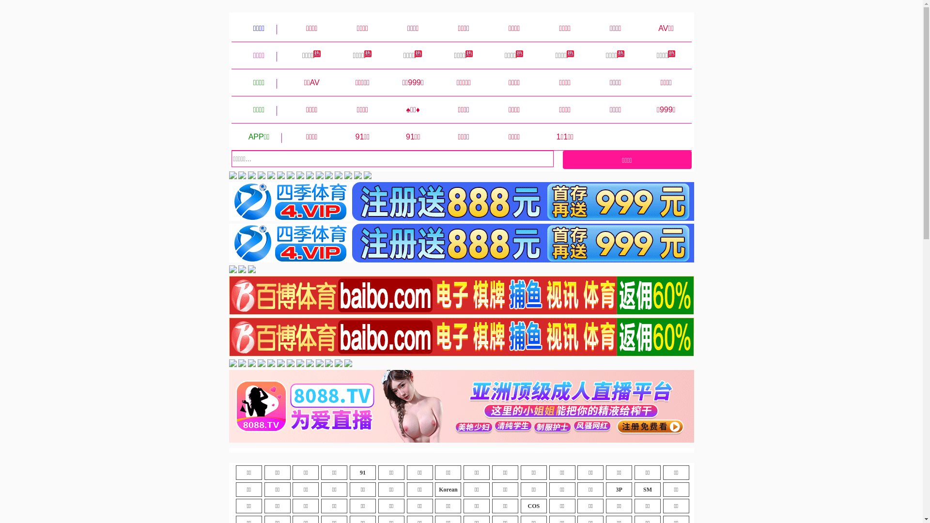  I want to click on 'COS', so click(533, 506).